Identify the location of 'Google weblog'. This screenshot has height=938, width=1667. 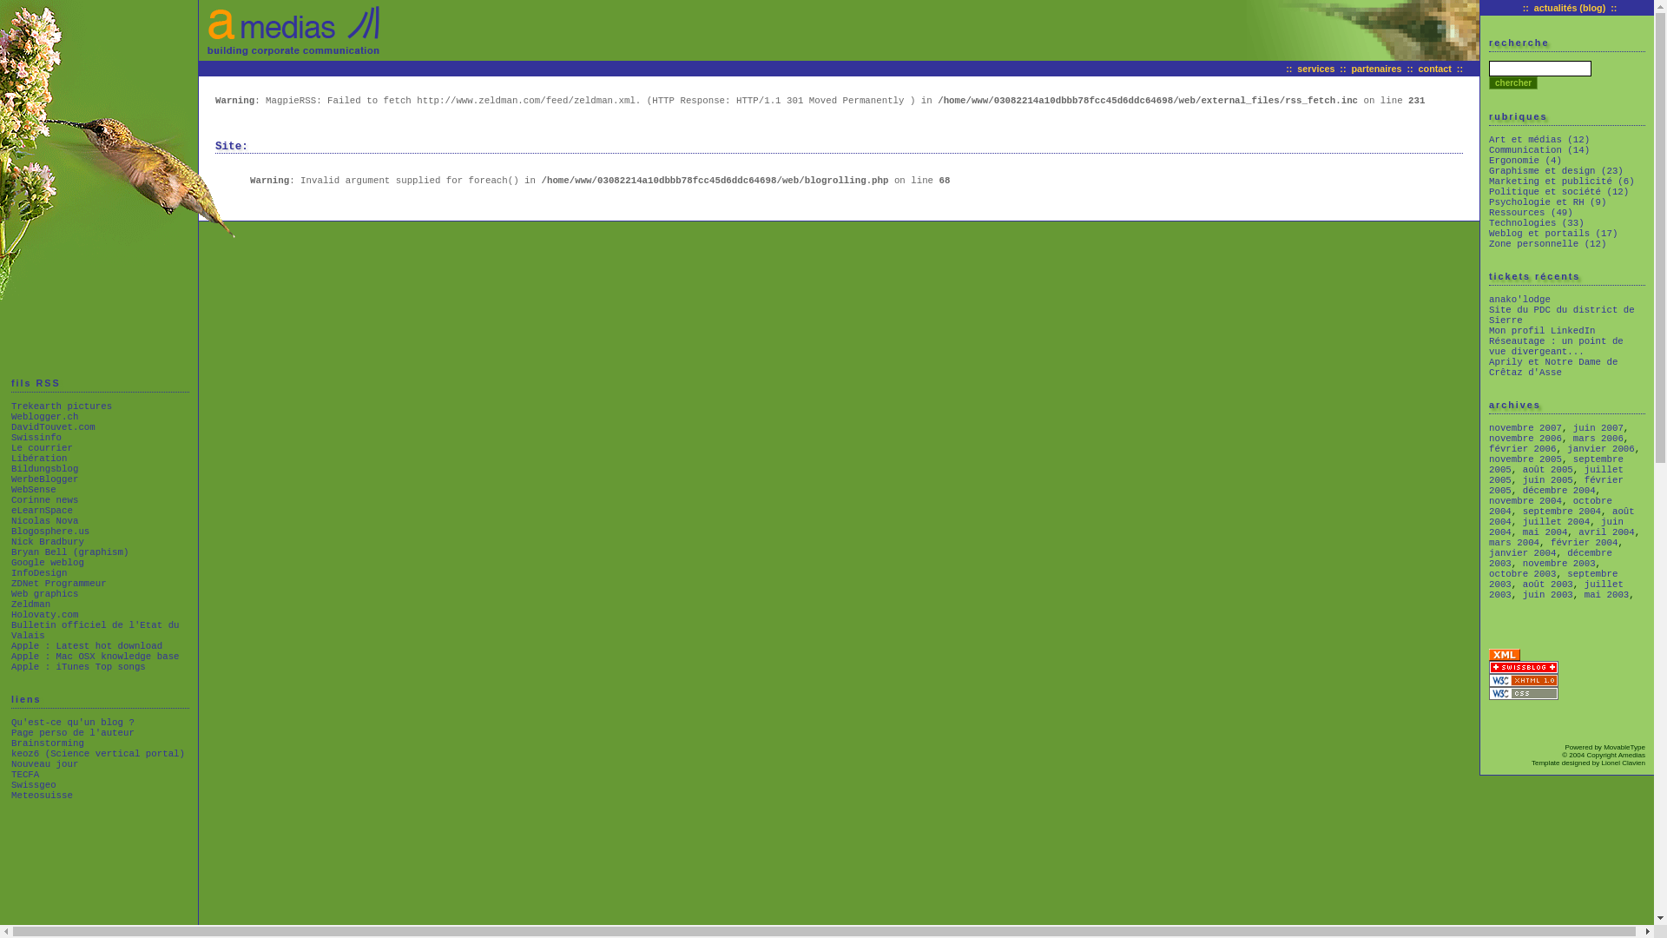
(47, 563).